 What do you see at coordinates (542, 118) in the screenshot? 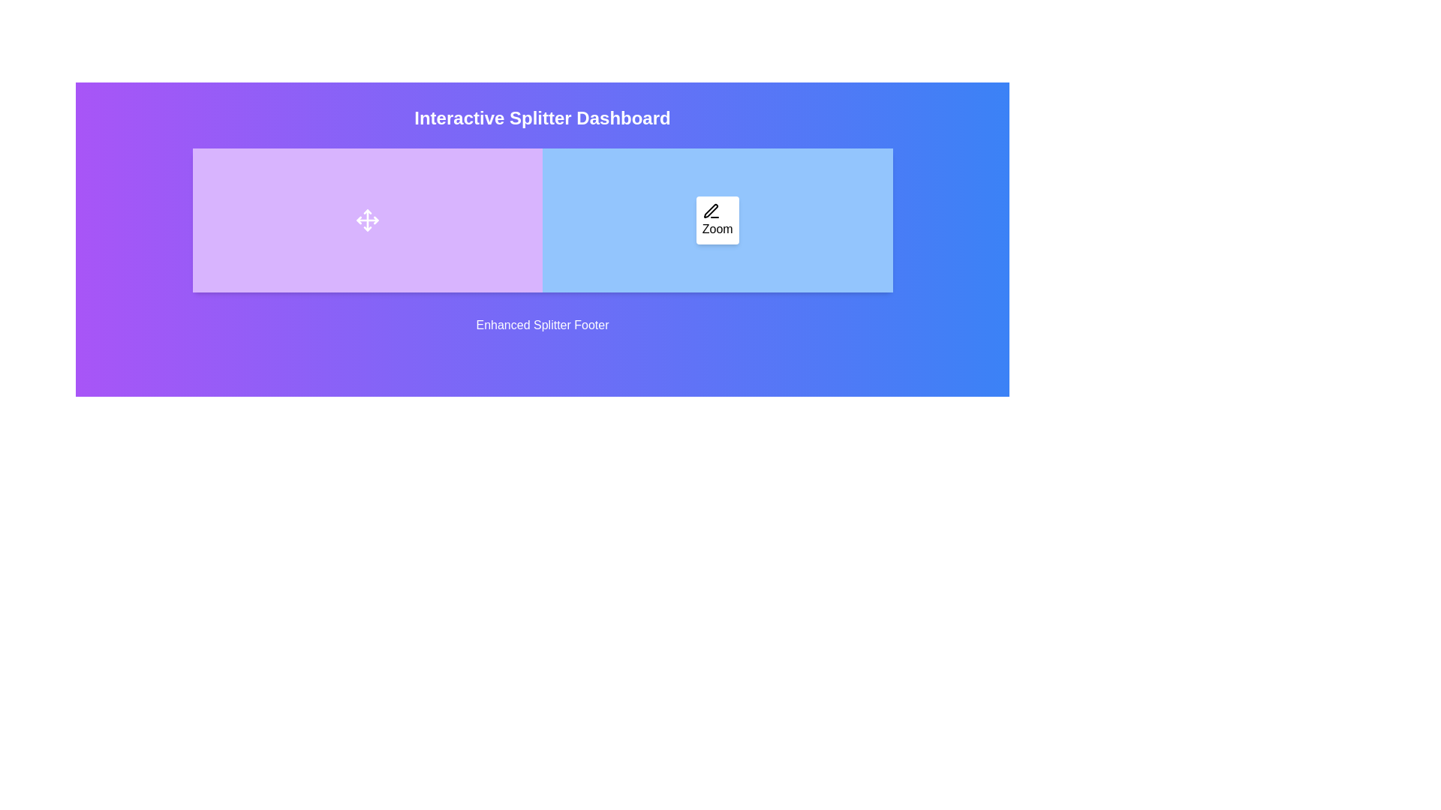
I see `the bold and large header text 'Interactive Splitter Dashboard' which is positioned at the top-center of the interface` at bounding box center [542, 118].